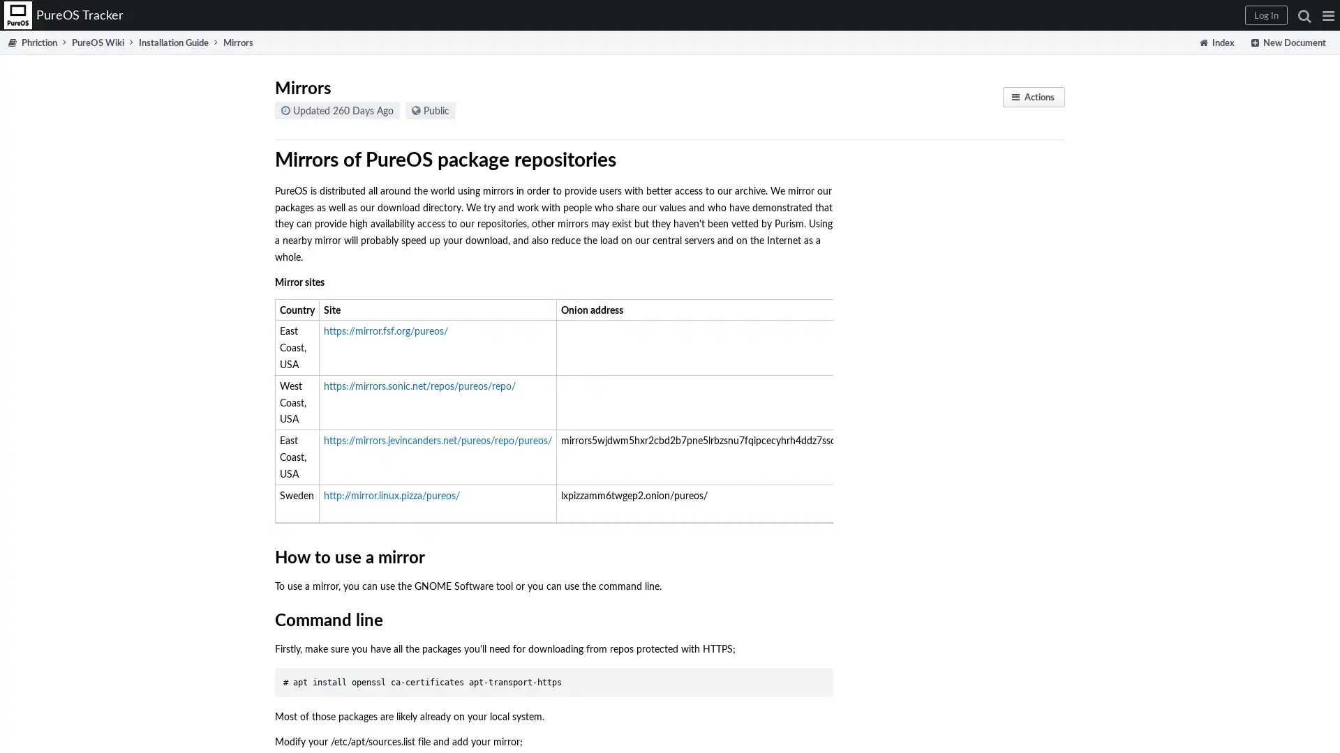 The image size is (1340, 753). I want to click on Log In, so click(1266, 15).